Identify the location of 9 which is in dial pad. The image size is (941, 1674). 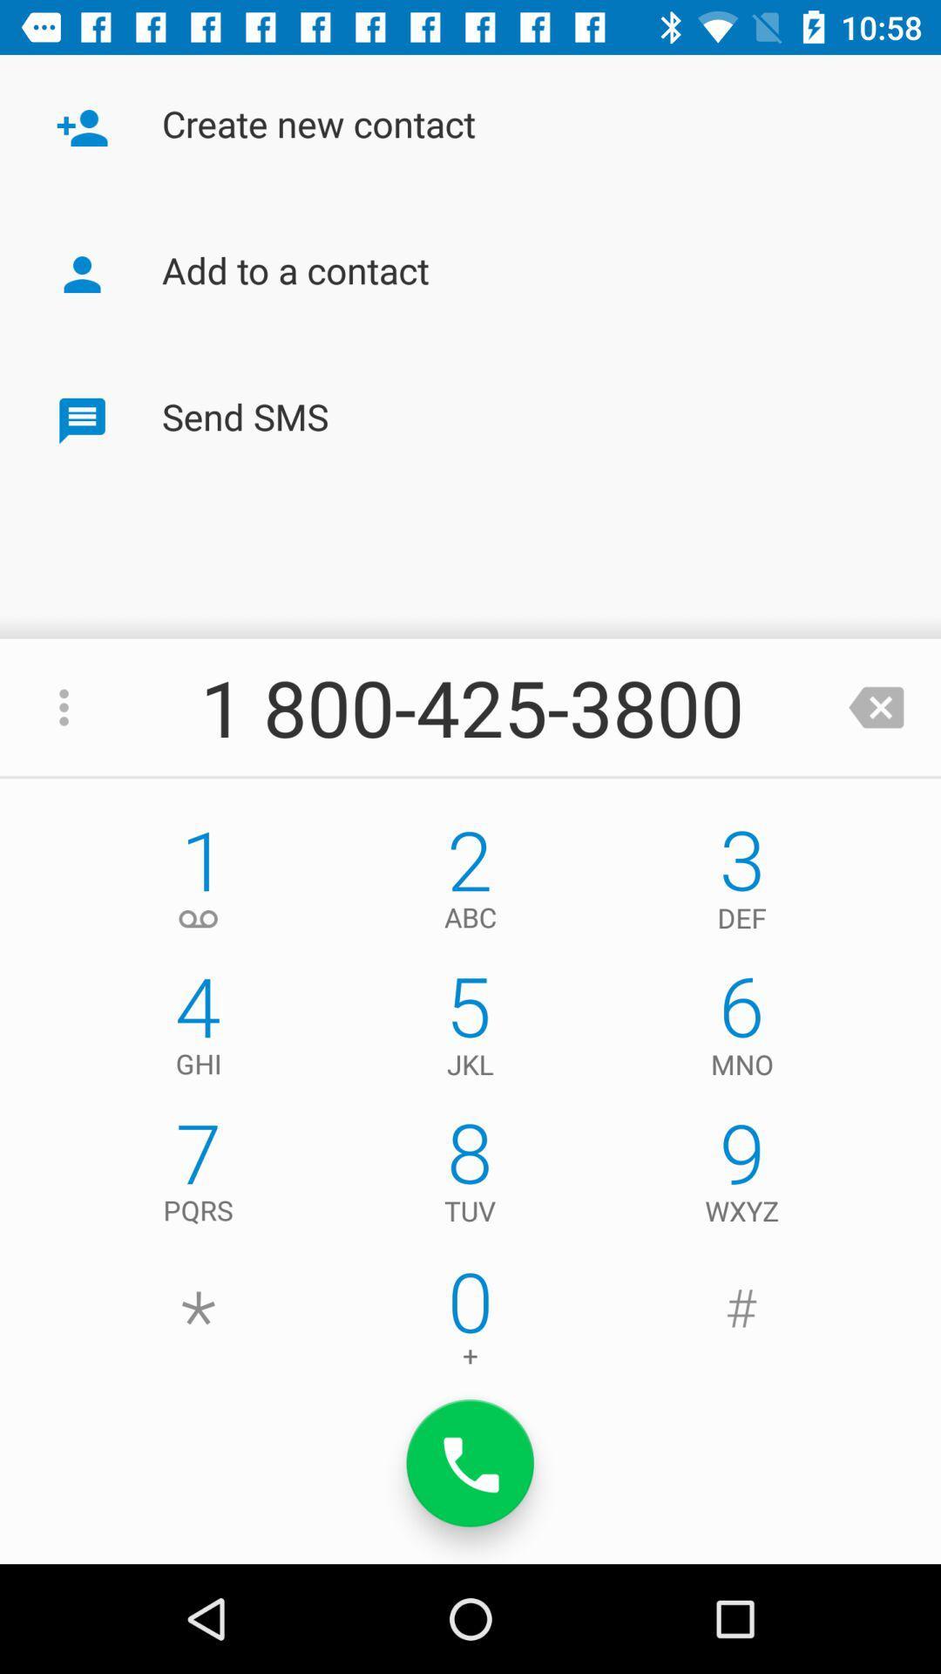
(742, 1176).